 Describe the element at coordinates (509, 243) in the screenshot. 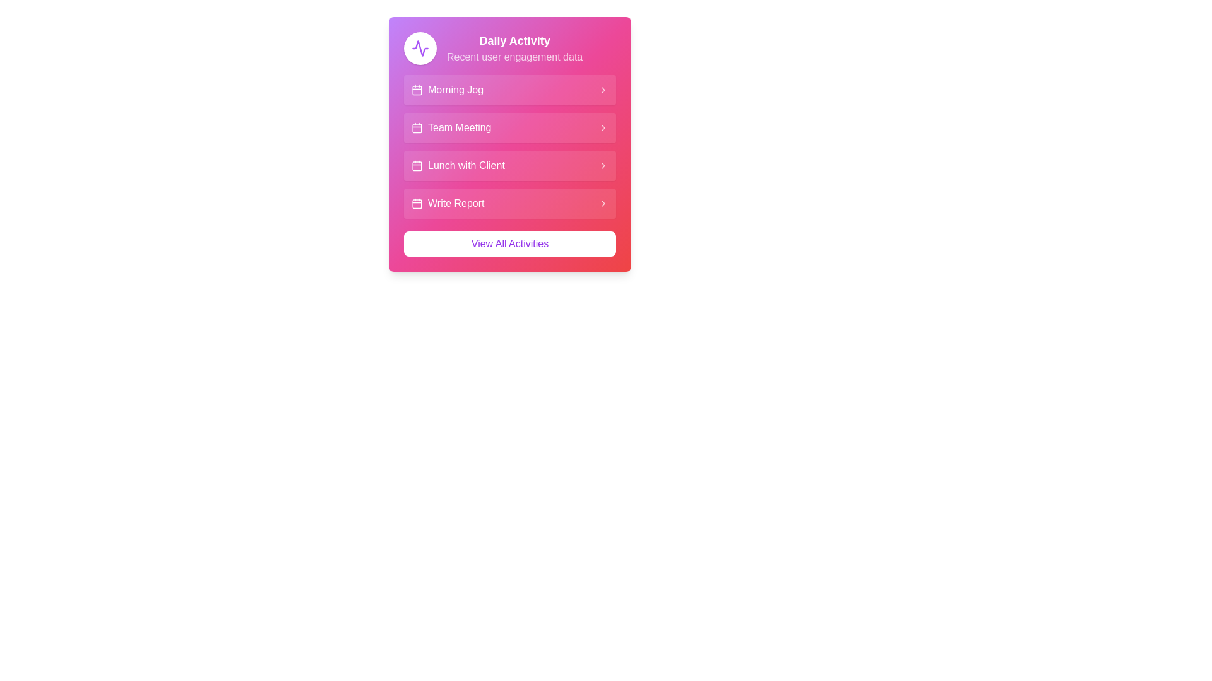

I see `the button that allows users to view a comprehensive list of activities, located below the 'Write Report' activity, to interact via keyboard` at that location.